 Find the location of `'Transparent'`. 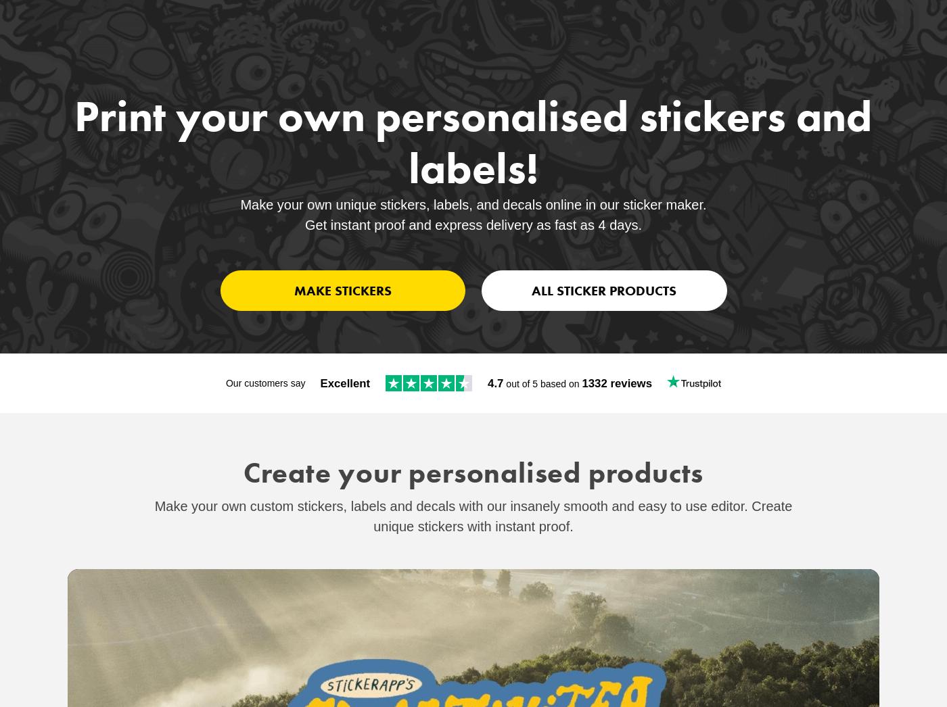

'Transparent' is located at coordinates (576, 364).